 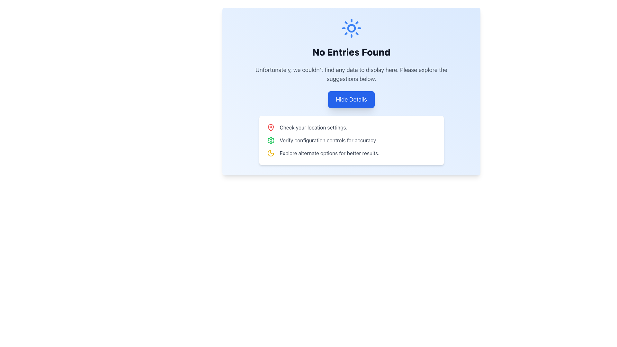 What do you see at coordinates (271, 140) in the screenshot?
I see `the settings icon located in the suggestion box, which is positioned to the left of the text 'Verify configuration controls for accuracy.'` at bounding box center [271, 140].